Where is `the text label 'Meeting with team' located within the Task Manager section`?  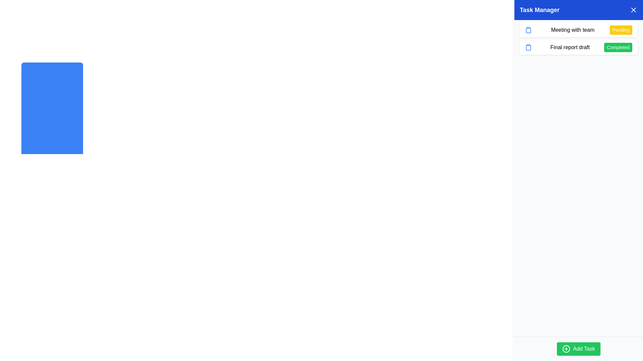
the text label 'Meeting with team' located within the Task Manager section is located at coordinates (572, 29).